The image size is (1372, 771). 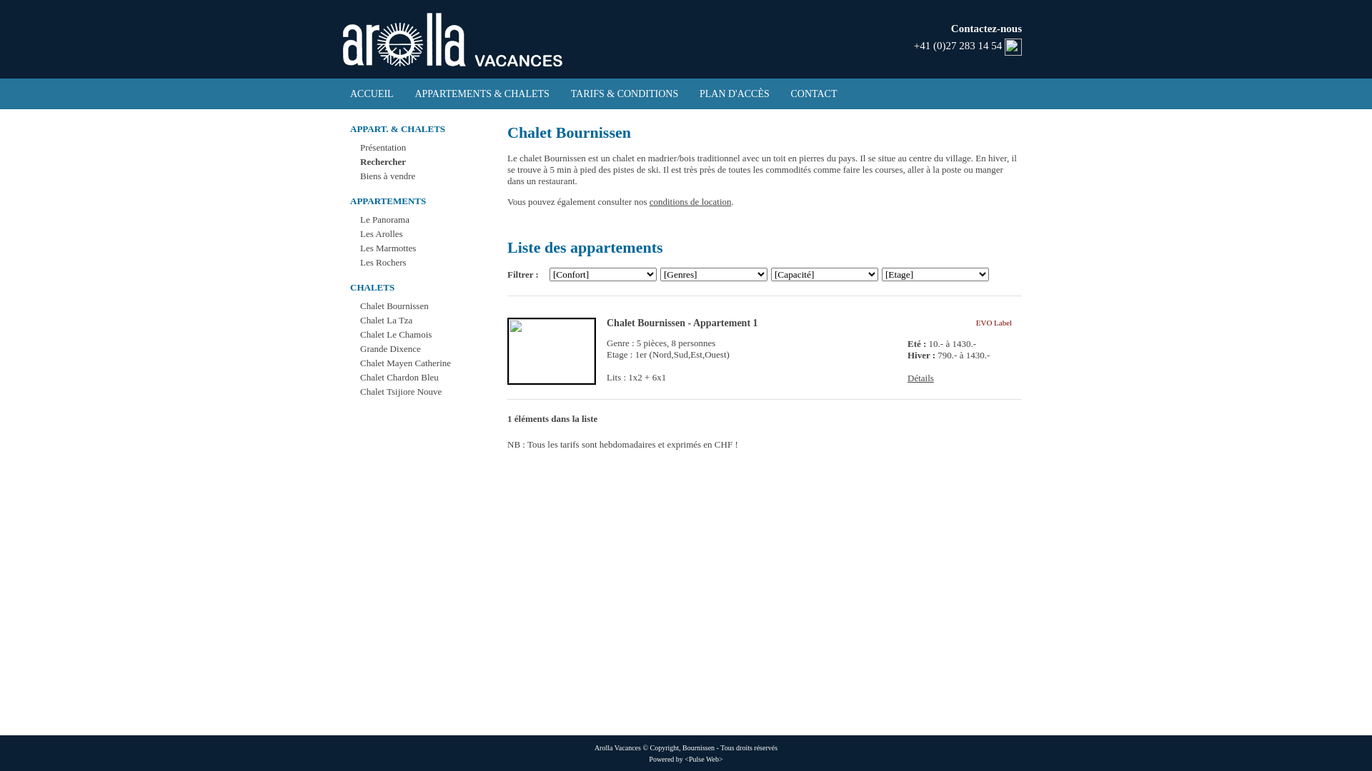 I want to click on 'Chalet Le Chamois', so click(x=395, y=334).